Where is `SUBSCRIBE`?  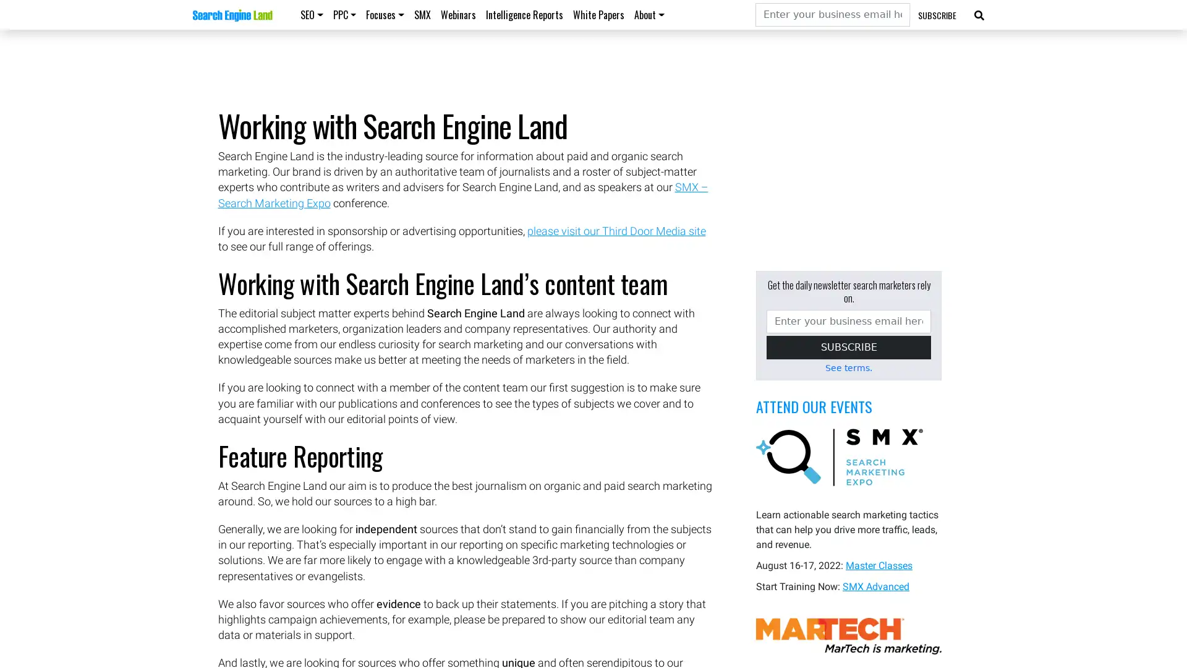 SUBSCRIBE is located at coordinates (937, 14).